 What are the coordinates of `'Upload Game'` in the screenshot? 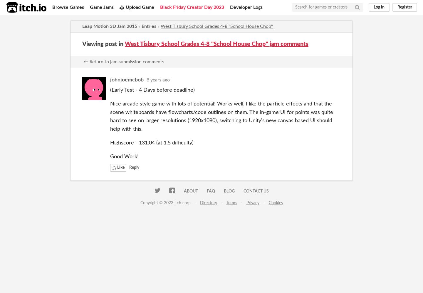 It's located at (140, 7).